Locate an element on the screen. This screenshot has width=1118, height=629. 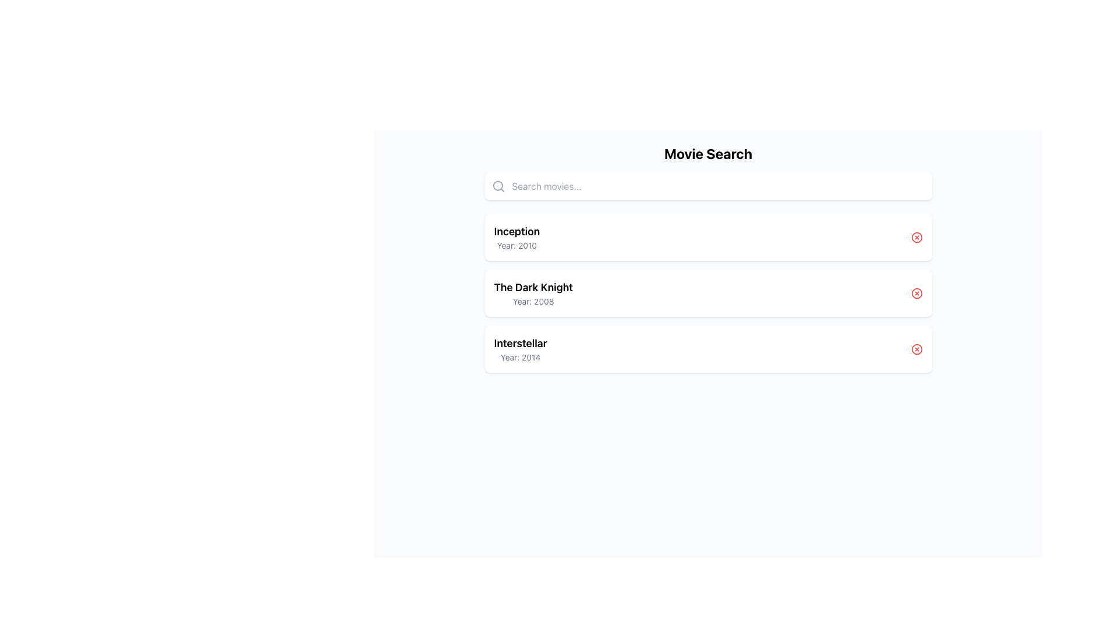
the gray magnifying glass icon located at the start of the search bar in the 'Movie Search' interface is located at coordinates (498, 186).